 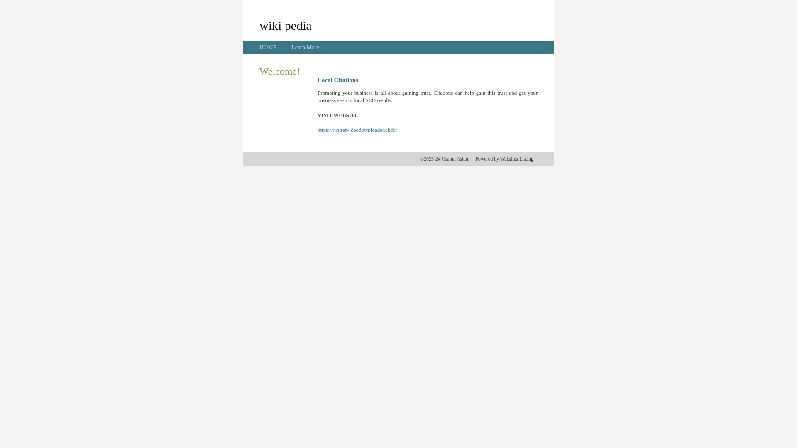 I want to click on 'Learn More', so click(x=291, y=47).